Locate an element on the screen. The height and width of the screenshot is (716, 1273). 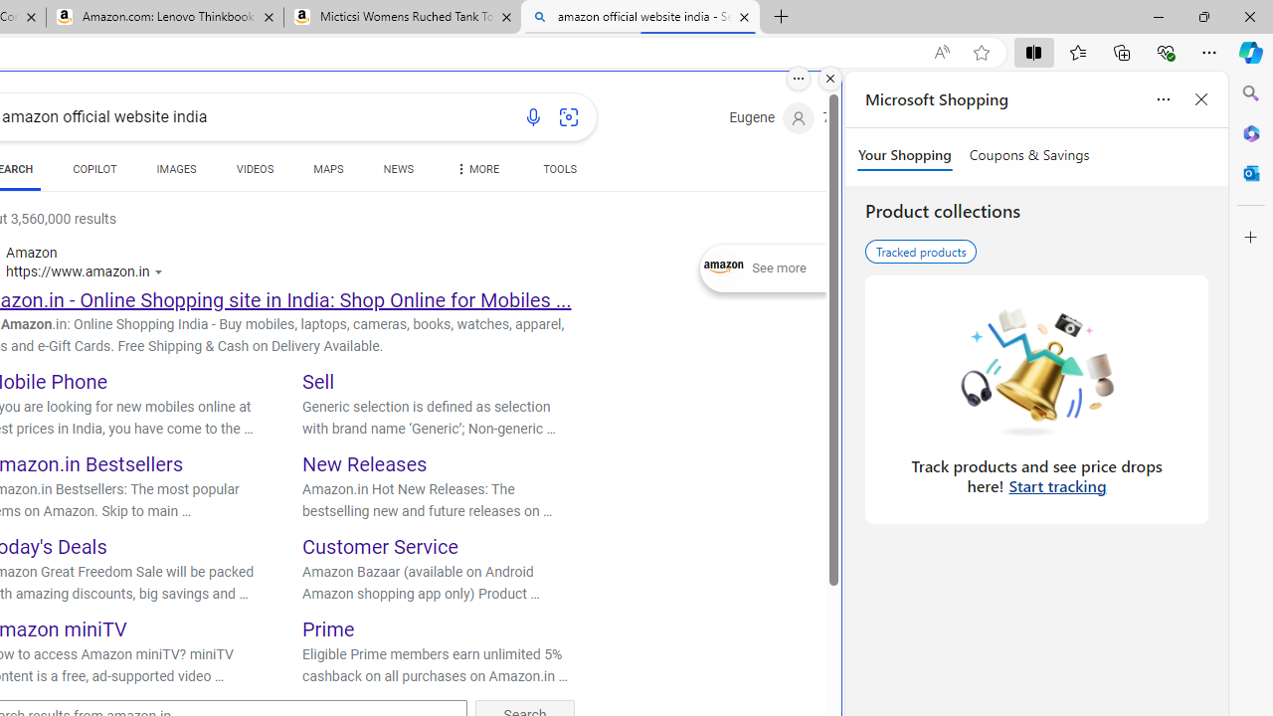
'COPILOT' is located at coordinates (93, 169).